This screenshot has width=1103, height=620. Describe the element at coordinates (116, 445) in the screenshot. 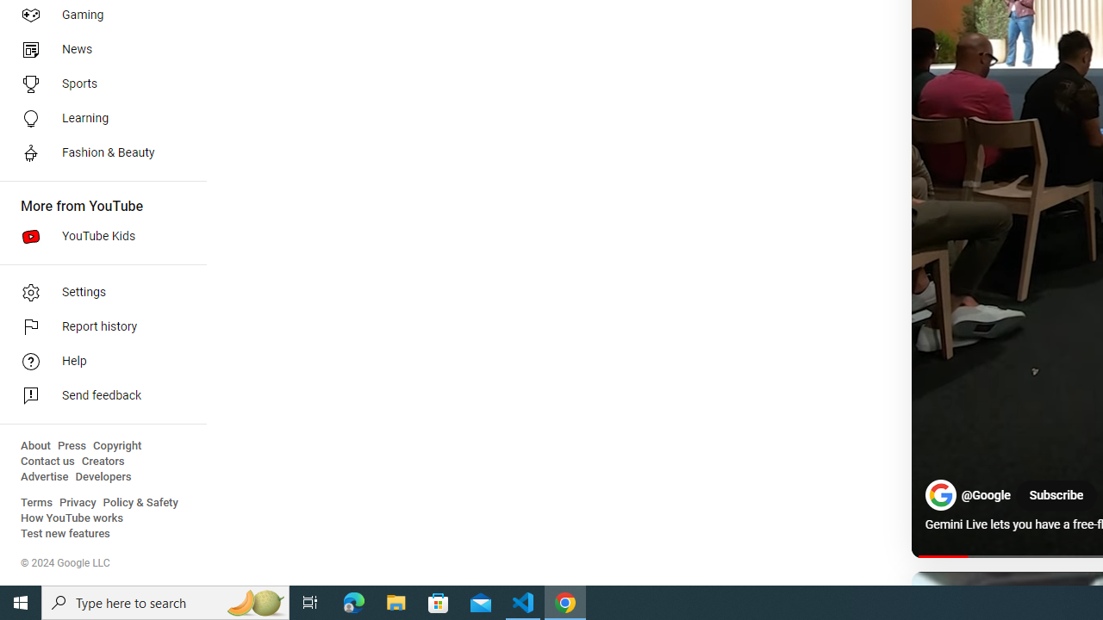

I see `'Copyright'` at that location.